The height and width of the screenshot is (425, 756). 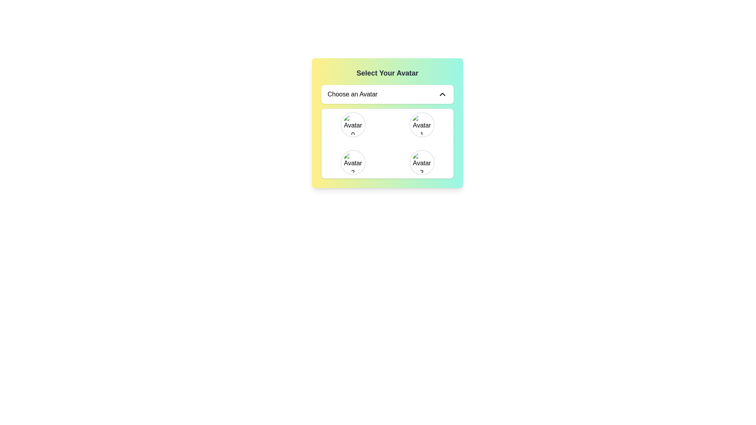 I want to click on the Avatar icon located in the second column of the first row under the 'Select Your Avatar' header, so click(x=421, y=124).